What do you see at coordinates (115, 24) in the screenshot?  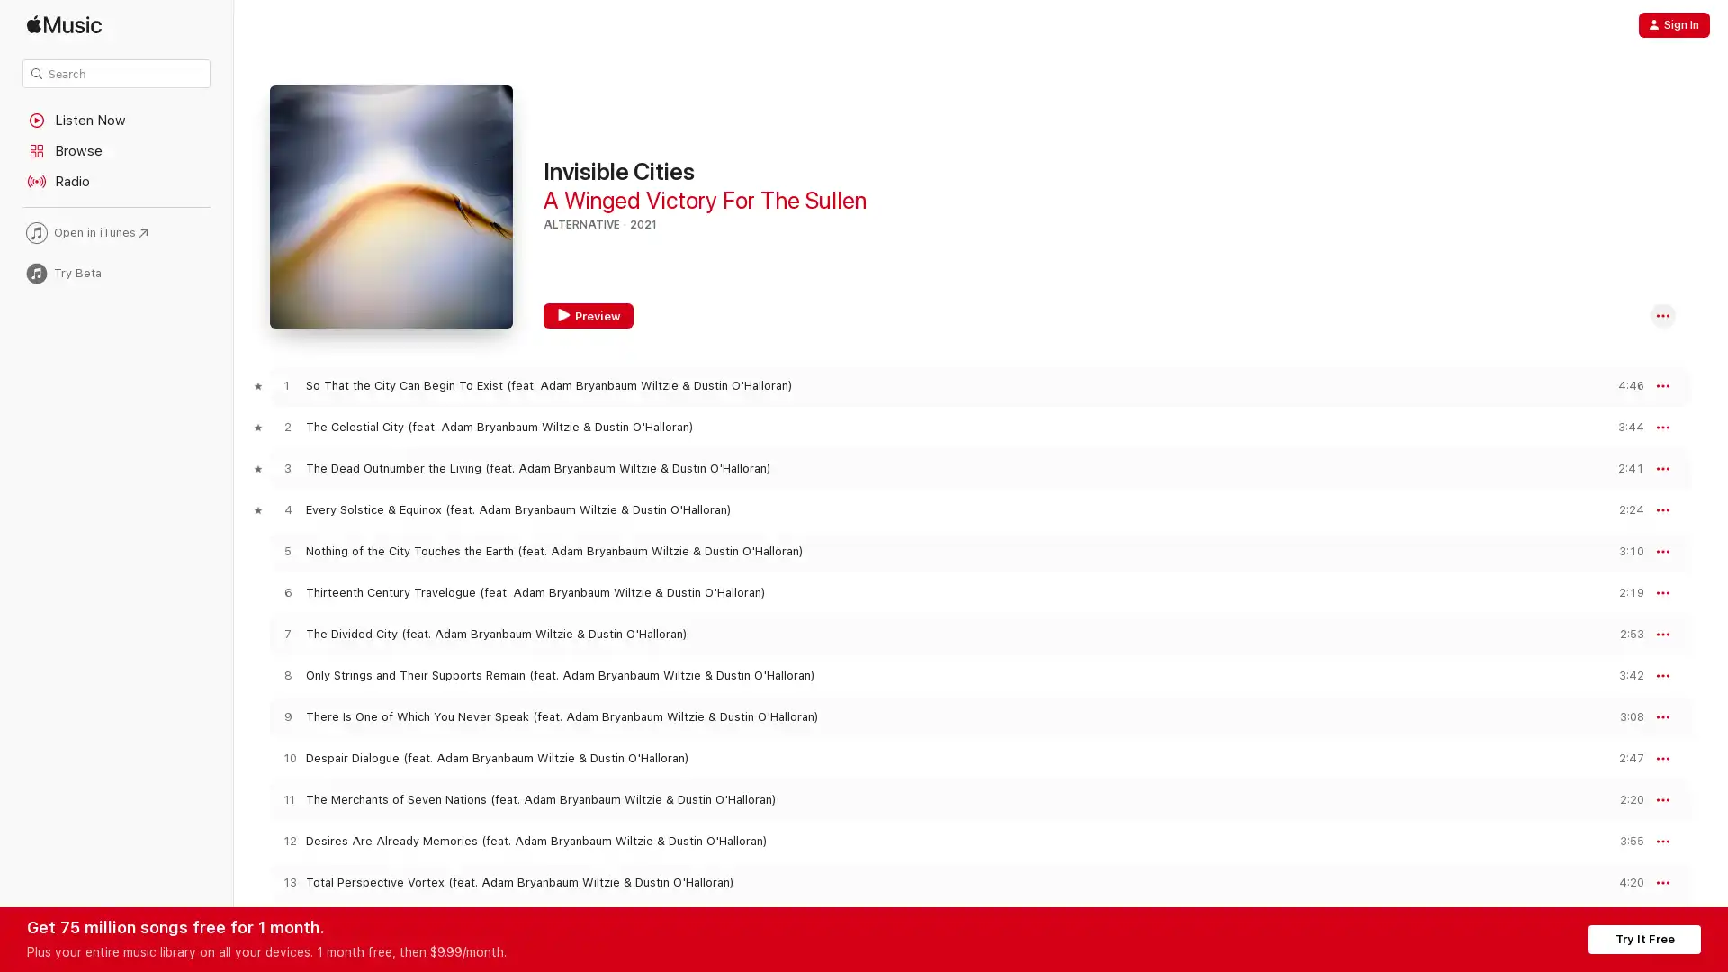 I see `Apple Music` at bounding box center [115, 24].